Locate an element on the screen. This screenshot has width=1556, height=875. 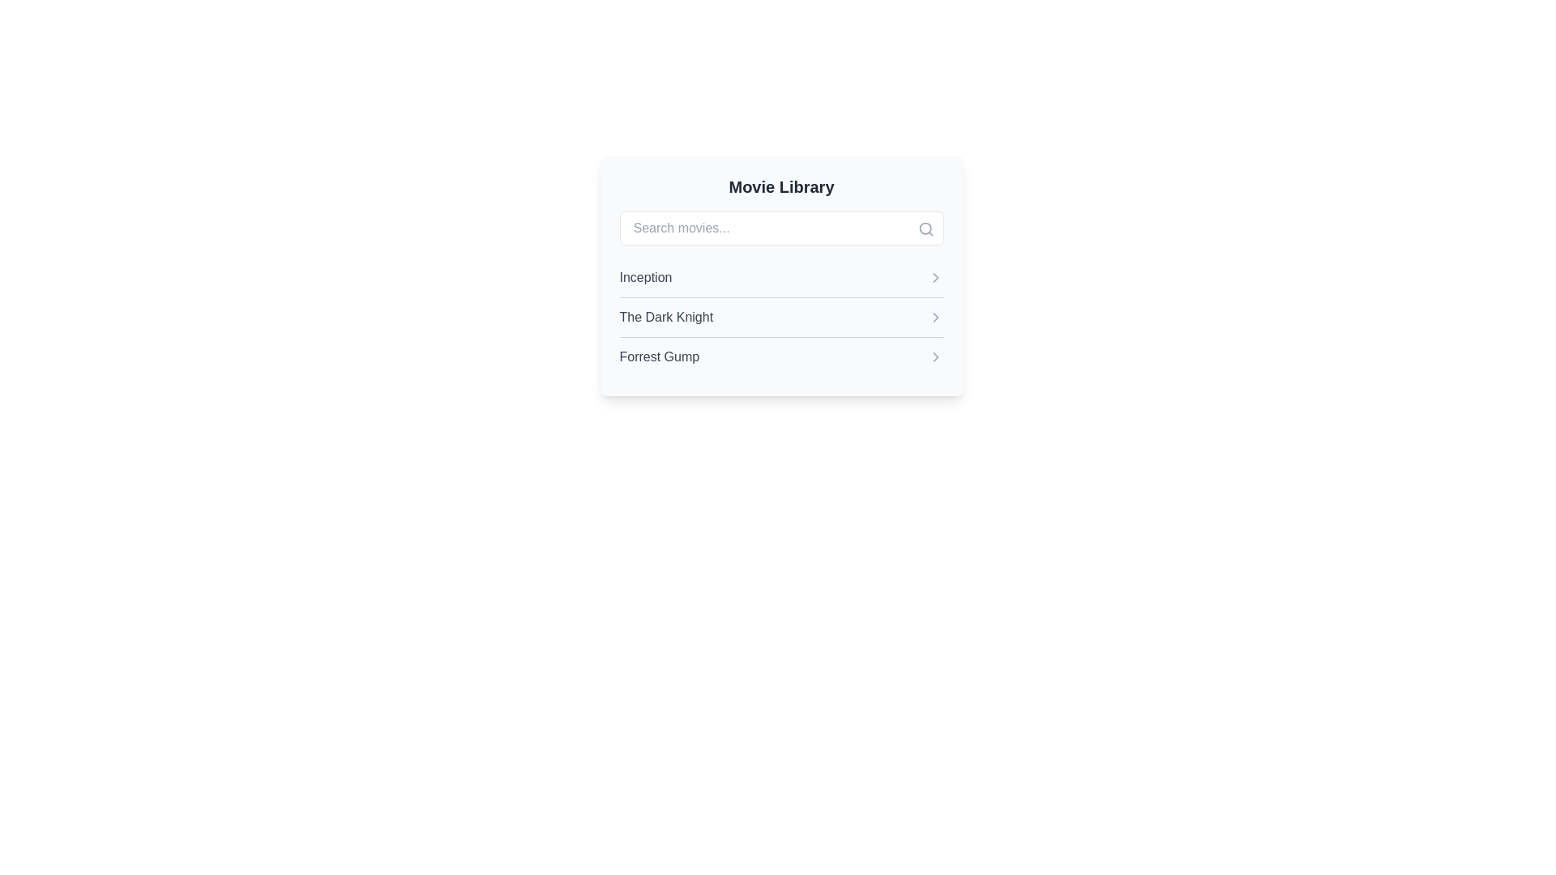
the text label displaying the title 'The Dark Knight' in the movie library interface, which is the second item in the vertical list is located at coordinates (666, 318).